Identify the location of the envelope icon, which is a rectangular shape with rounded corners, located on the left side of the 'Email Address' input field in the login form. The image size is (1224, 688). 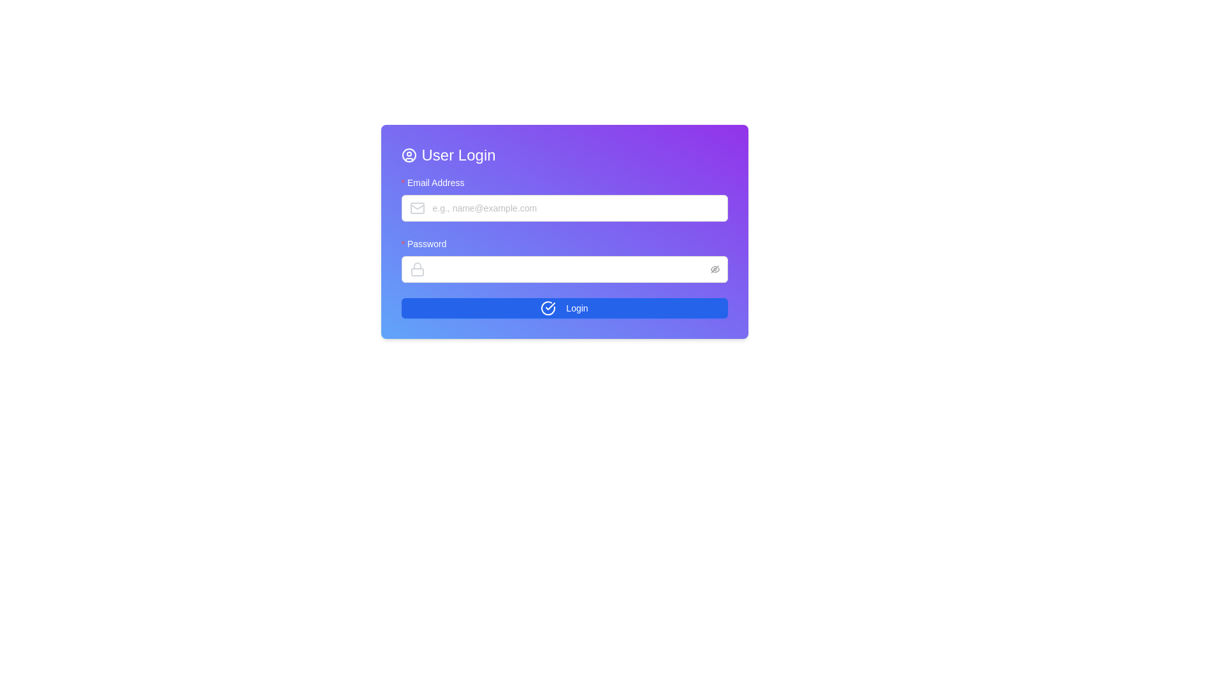
(417, 208).